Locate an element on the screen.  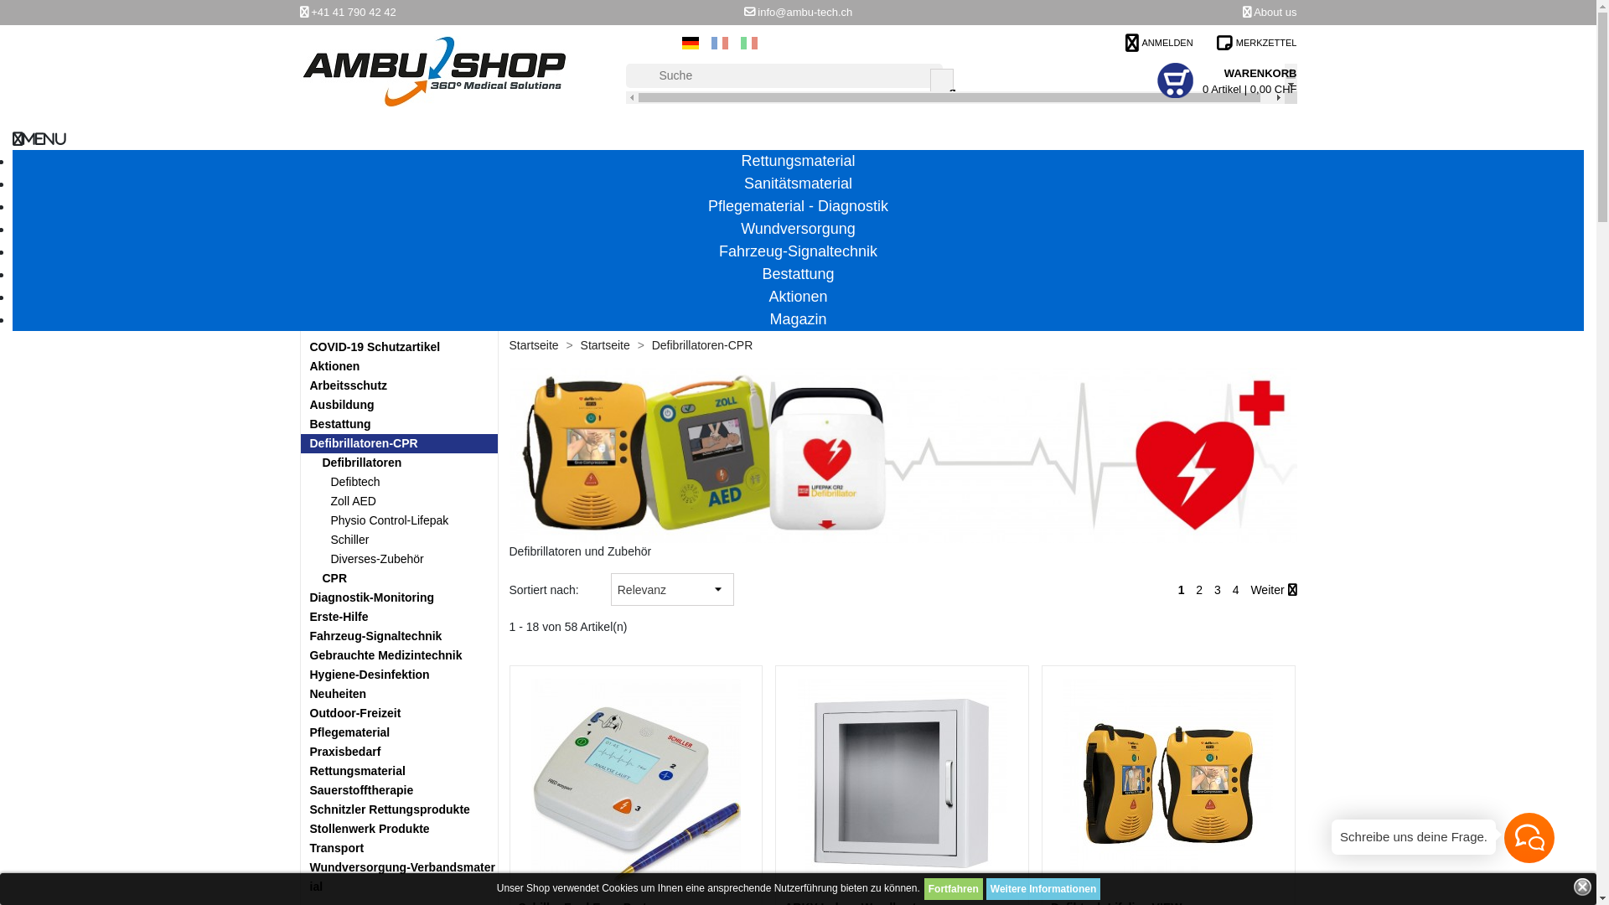
'Physio Control-Lifepak' is located at coordinates (397, 520).